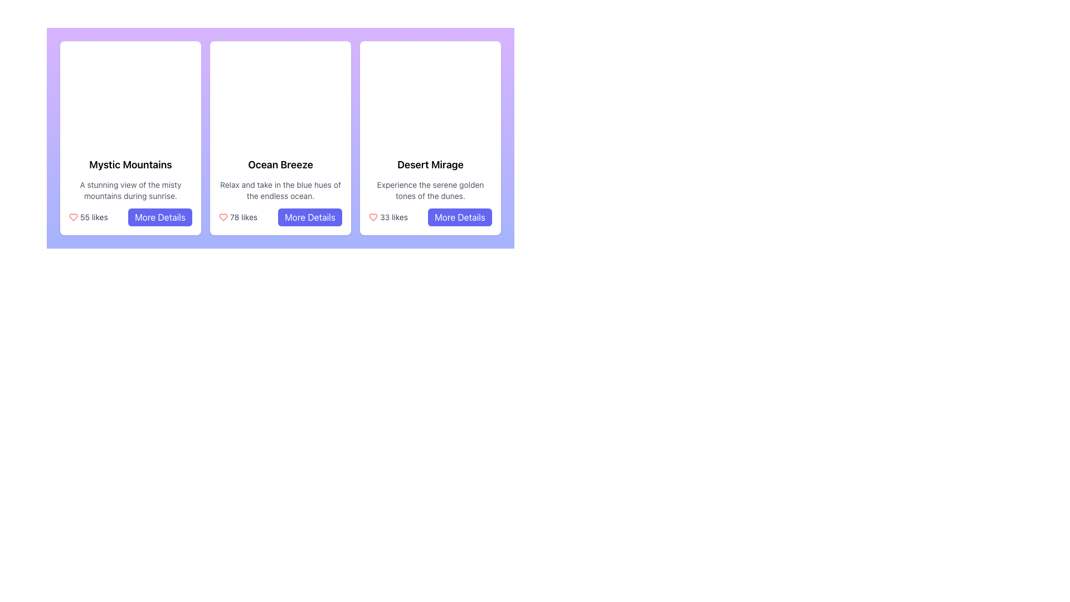  Describe the element at coordinates (237, 217) in the screenshot. I see `the informational label displaying the number of likes for the second card in a horizontal layout of three cards, located at the bottom-left corner above the 'More Details' button` at that location.